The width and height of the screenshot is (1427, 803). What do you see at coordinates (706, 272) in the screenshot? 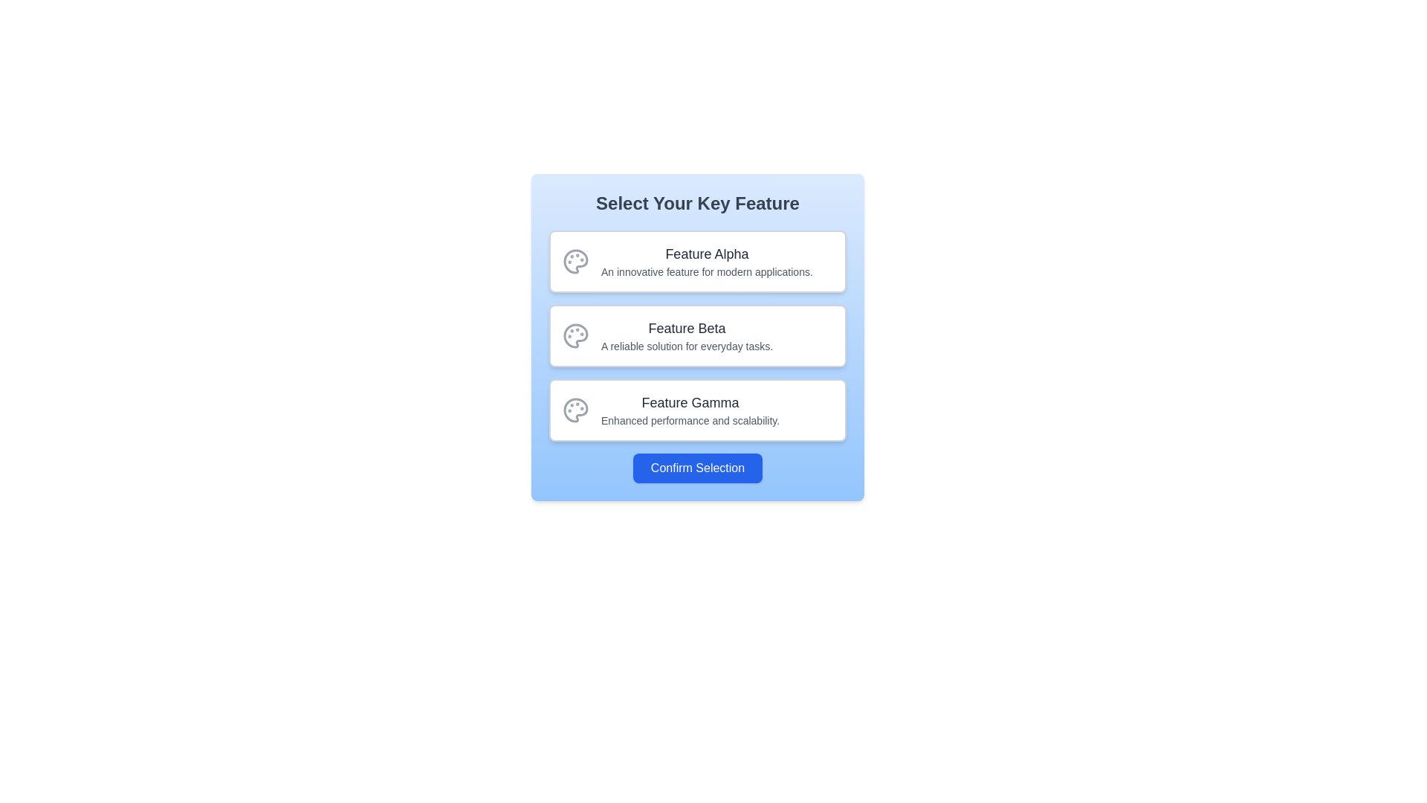
I see `the supporting text element that reads 'An innovative feature for modern applications.' which is styled in gray and located below the 'Feature Alpha' title` at bounding box center [706, 272].